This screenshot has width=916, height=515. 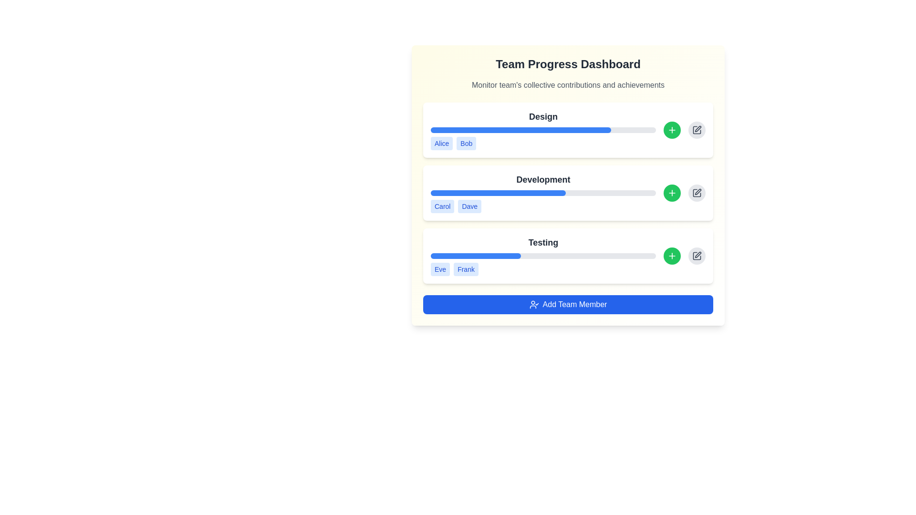 What do you see at coordinates (697, 193) in the screenshot?
I see `the small square icon with a pen inside, located in the rightmost part of the 'Development' section` at bounding box center [697, 193].